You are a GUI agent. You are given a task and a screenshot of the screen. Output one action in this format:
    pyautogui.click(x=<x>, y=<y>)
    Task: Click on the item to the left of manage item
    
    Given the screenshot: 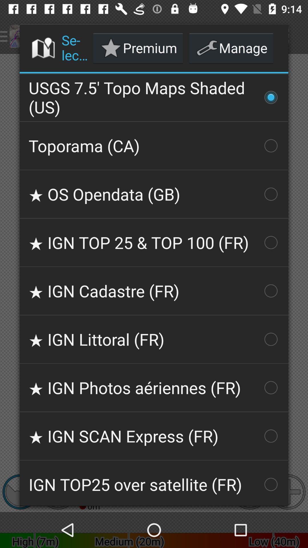 What is the action you would take?
    pyautogui.click(x=138, y=48)
    